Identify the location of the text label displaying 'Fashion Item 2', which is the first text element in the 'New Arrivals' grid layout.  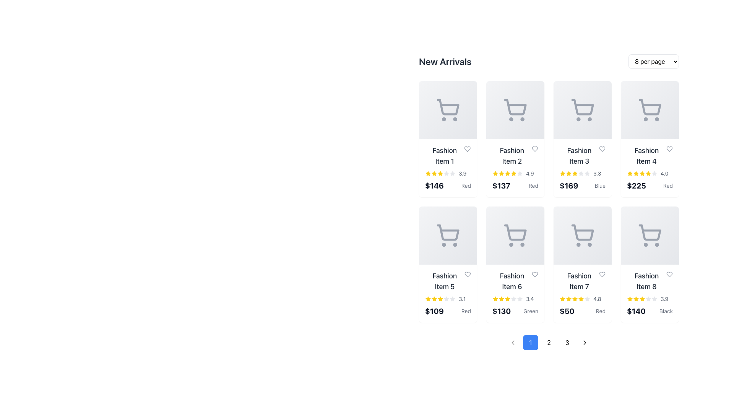
(512, 156).